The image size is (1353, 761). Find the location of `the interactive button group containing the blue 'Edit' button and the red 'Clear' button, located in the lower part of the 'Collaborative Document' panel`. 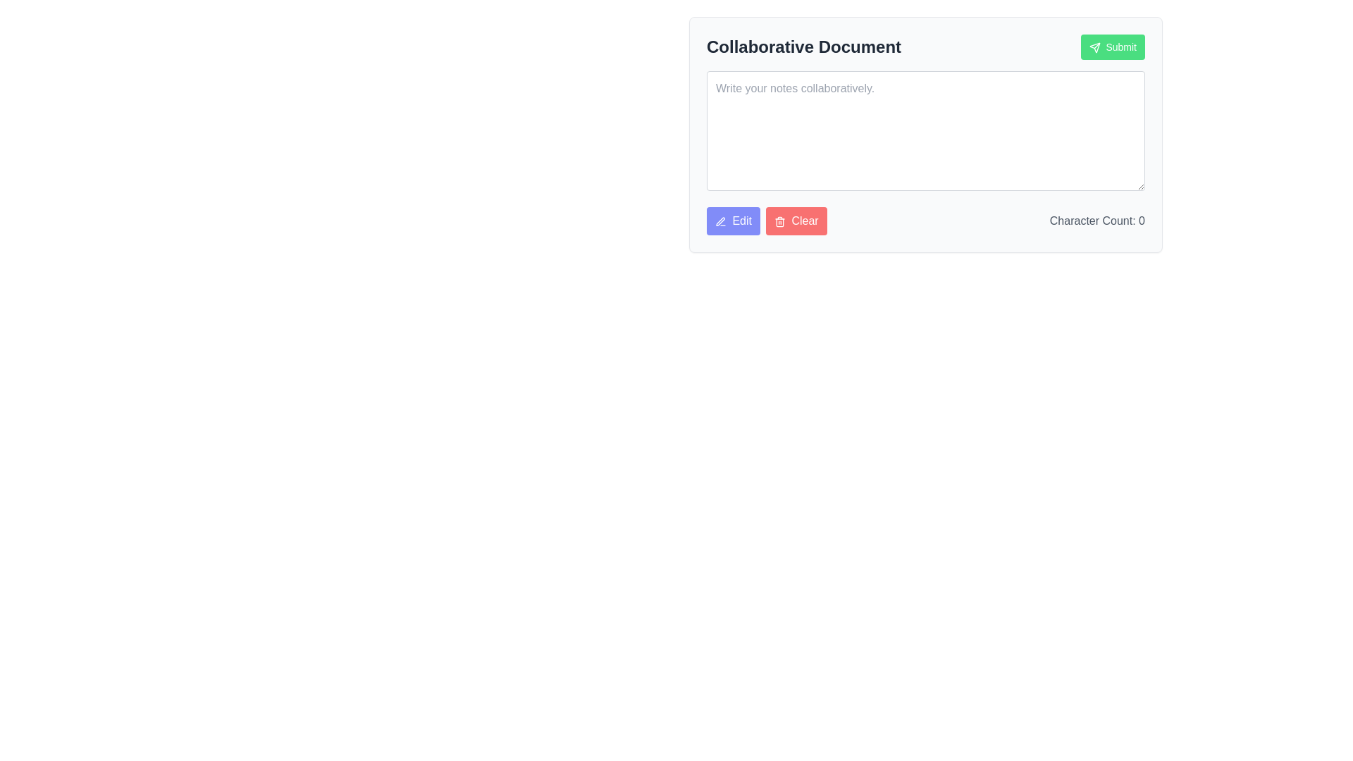

the interactive button group containing the blue 'Edit' button and the red 'Clear' button, located in the lower part of the 'Collaborative Document' panel is located at coordinates (766, 221).